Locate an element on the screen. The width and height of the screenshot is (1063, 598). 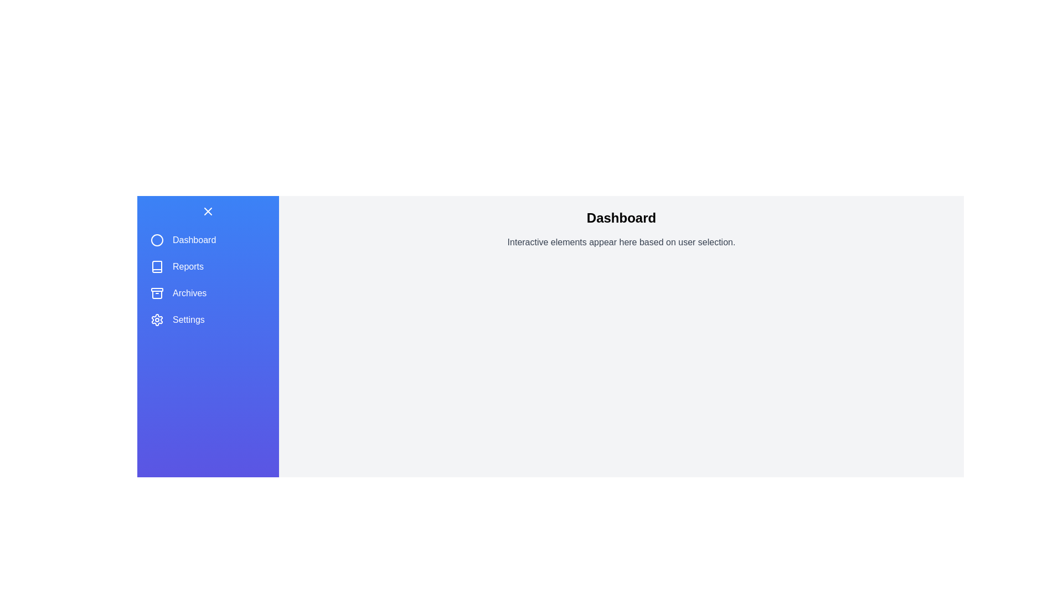
the menu item Reports is located at coordinates (208, 267).